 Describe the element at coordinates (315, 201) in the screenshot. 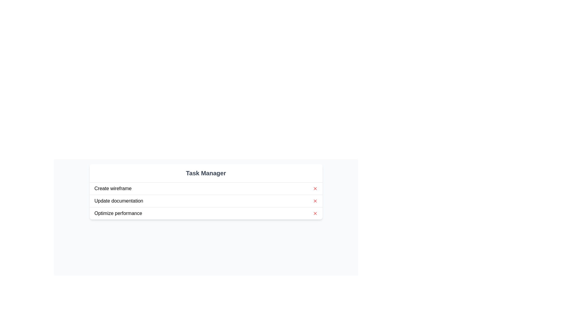

I see `the delete button located to the far right of the 'Update documentation' list item` at that location.